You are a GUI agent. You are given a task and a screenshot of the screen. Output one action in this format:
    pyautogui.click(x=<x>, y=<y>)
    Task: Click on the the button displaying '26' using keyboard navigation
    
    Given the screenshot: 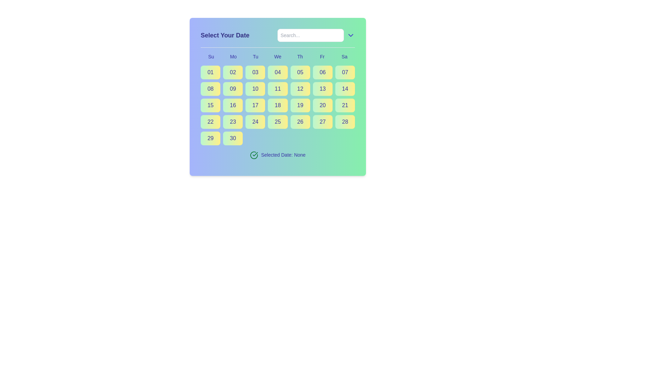 What is the action you would take?
    pyautogui.click(x=300, y=121)
    